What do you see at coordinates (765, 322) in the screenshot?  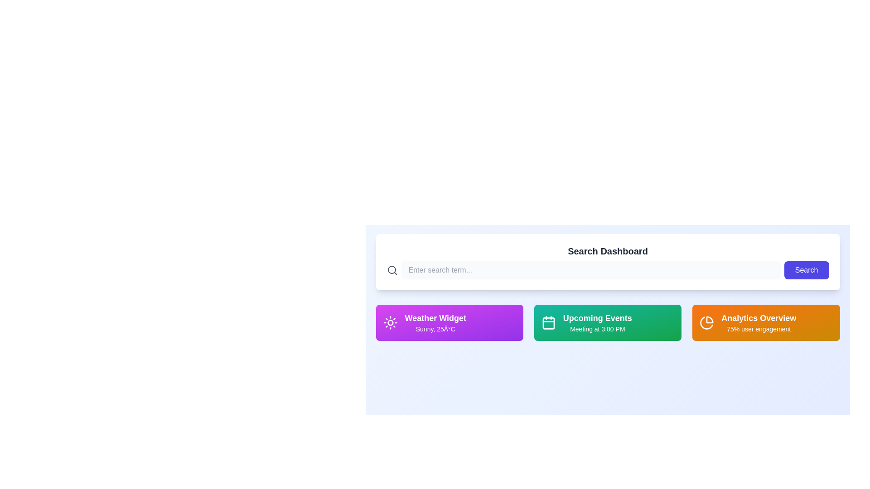 I see `text from the Information card displaying user engagement percentage located in the bottom-right position of the grid beneath the search bar` at bounding box center [765, 322].